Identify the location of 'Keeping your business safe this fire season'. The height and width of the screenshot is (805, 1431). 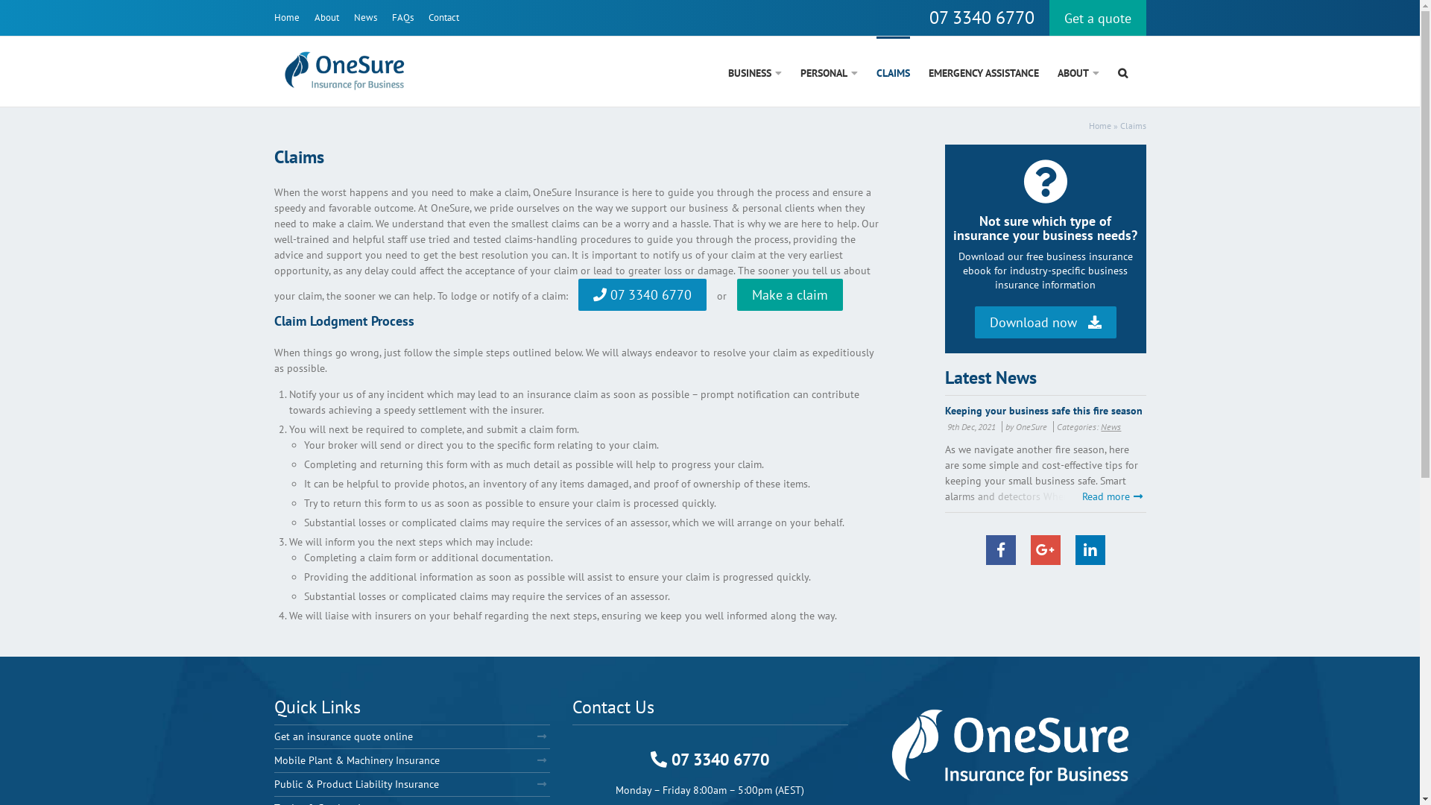
(944, 410).